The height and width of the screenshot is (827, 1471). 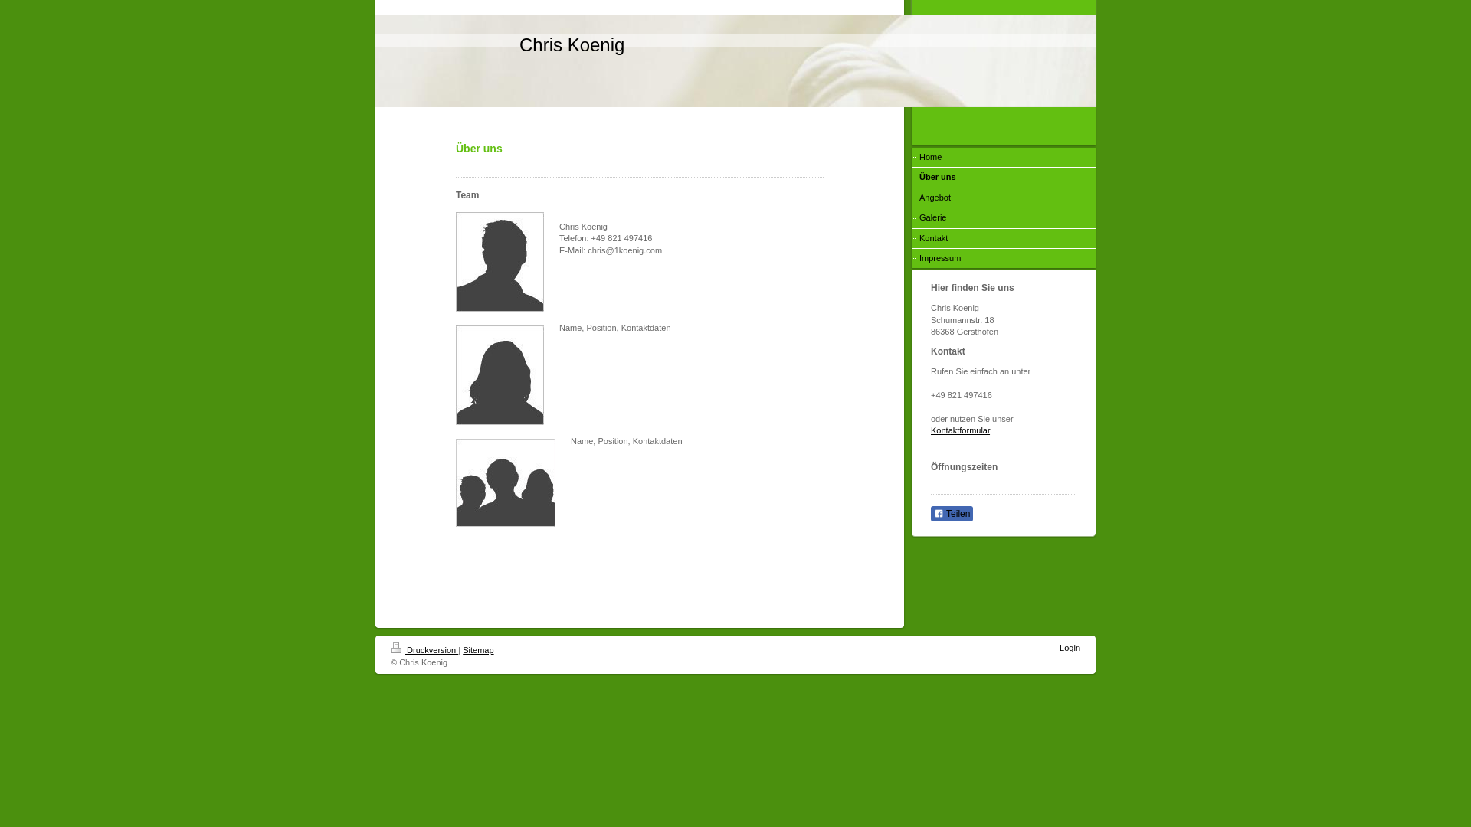 I want to click on 'Login', so click(x=1069, y=647).